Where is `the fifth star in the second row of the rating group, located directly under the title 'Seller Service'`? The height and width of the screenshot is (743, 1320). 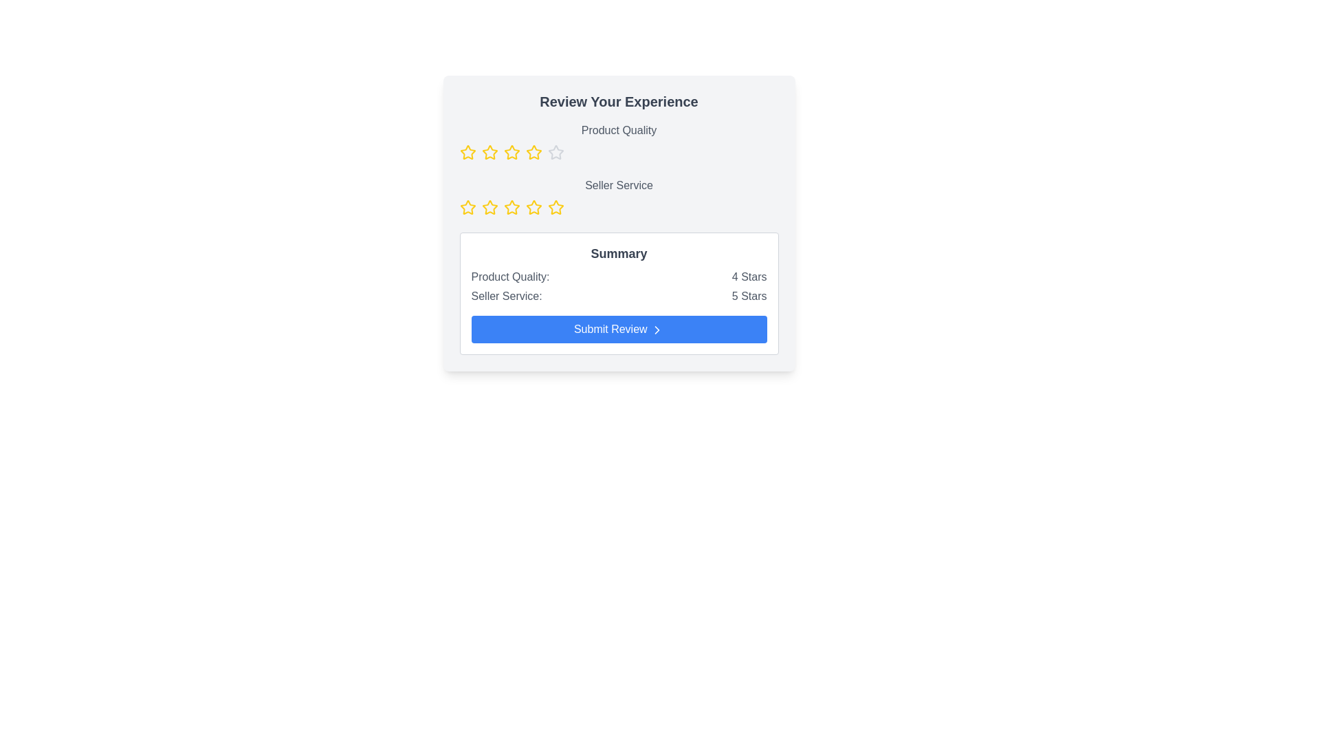 the fifth star in the second row of the rating group, located directly under the title 'Seller Service' is located at coordinates (555, 207).